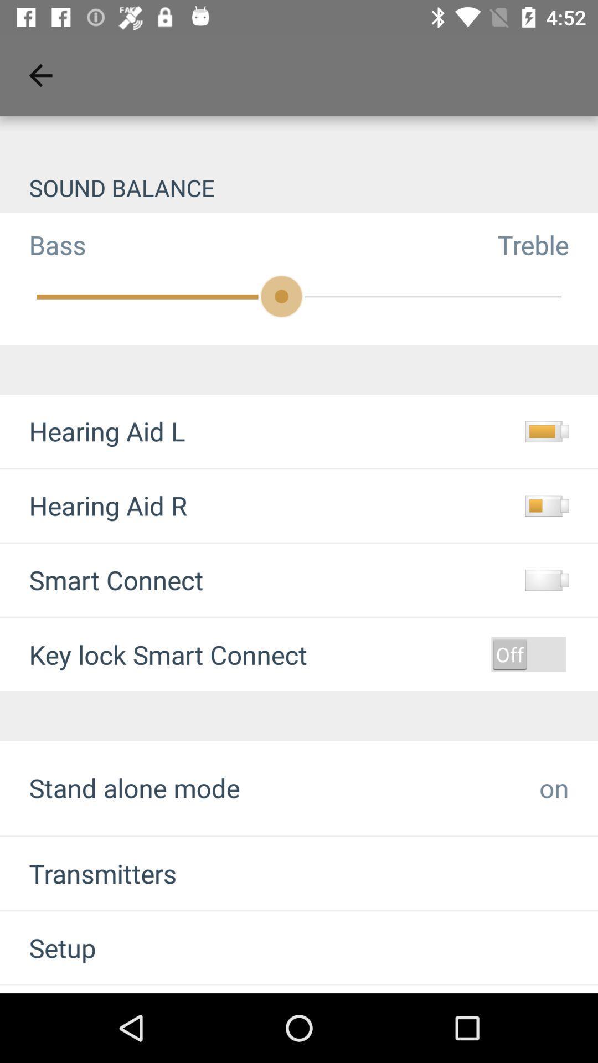  I want to click on transmitters item, so click(87, 873).